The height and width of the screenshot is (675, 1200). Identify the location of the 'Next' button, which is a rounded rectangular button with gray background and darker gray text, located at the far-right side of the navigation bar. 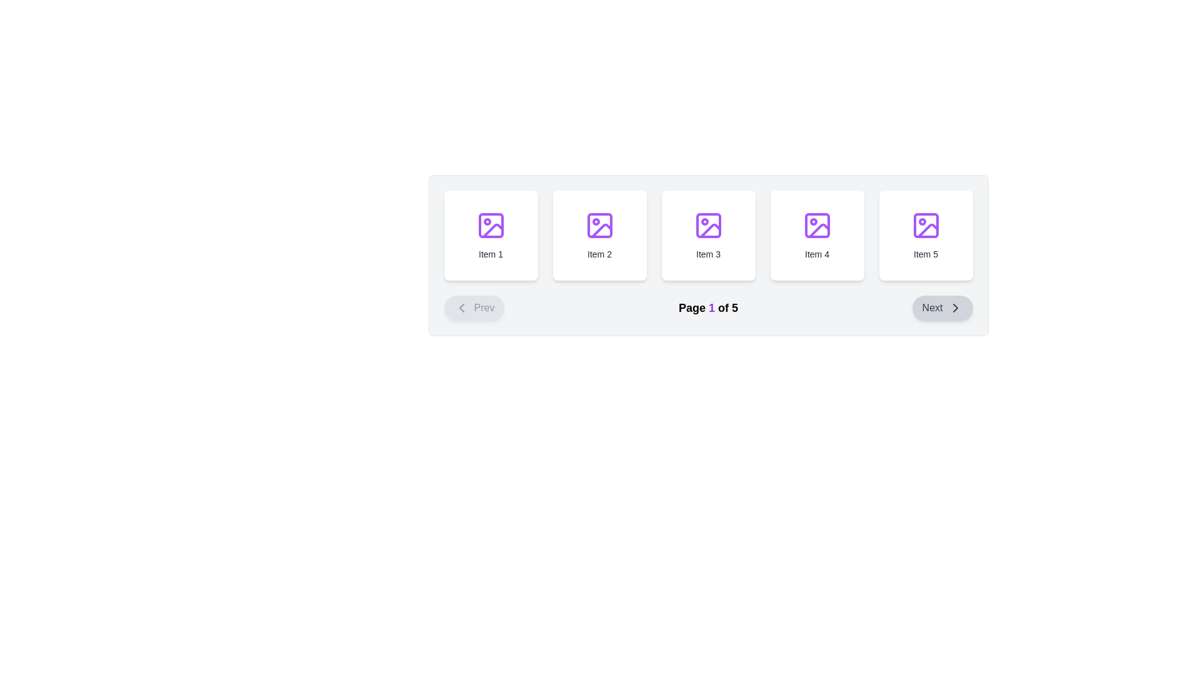
(942, 308).